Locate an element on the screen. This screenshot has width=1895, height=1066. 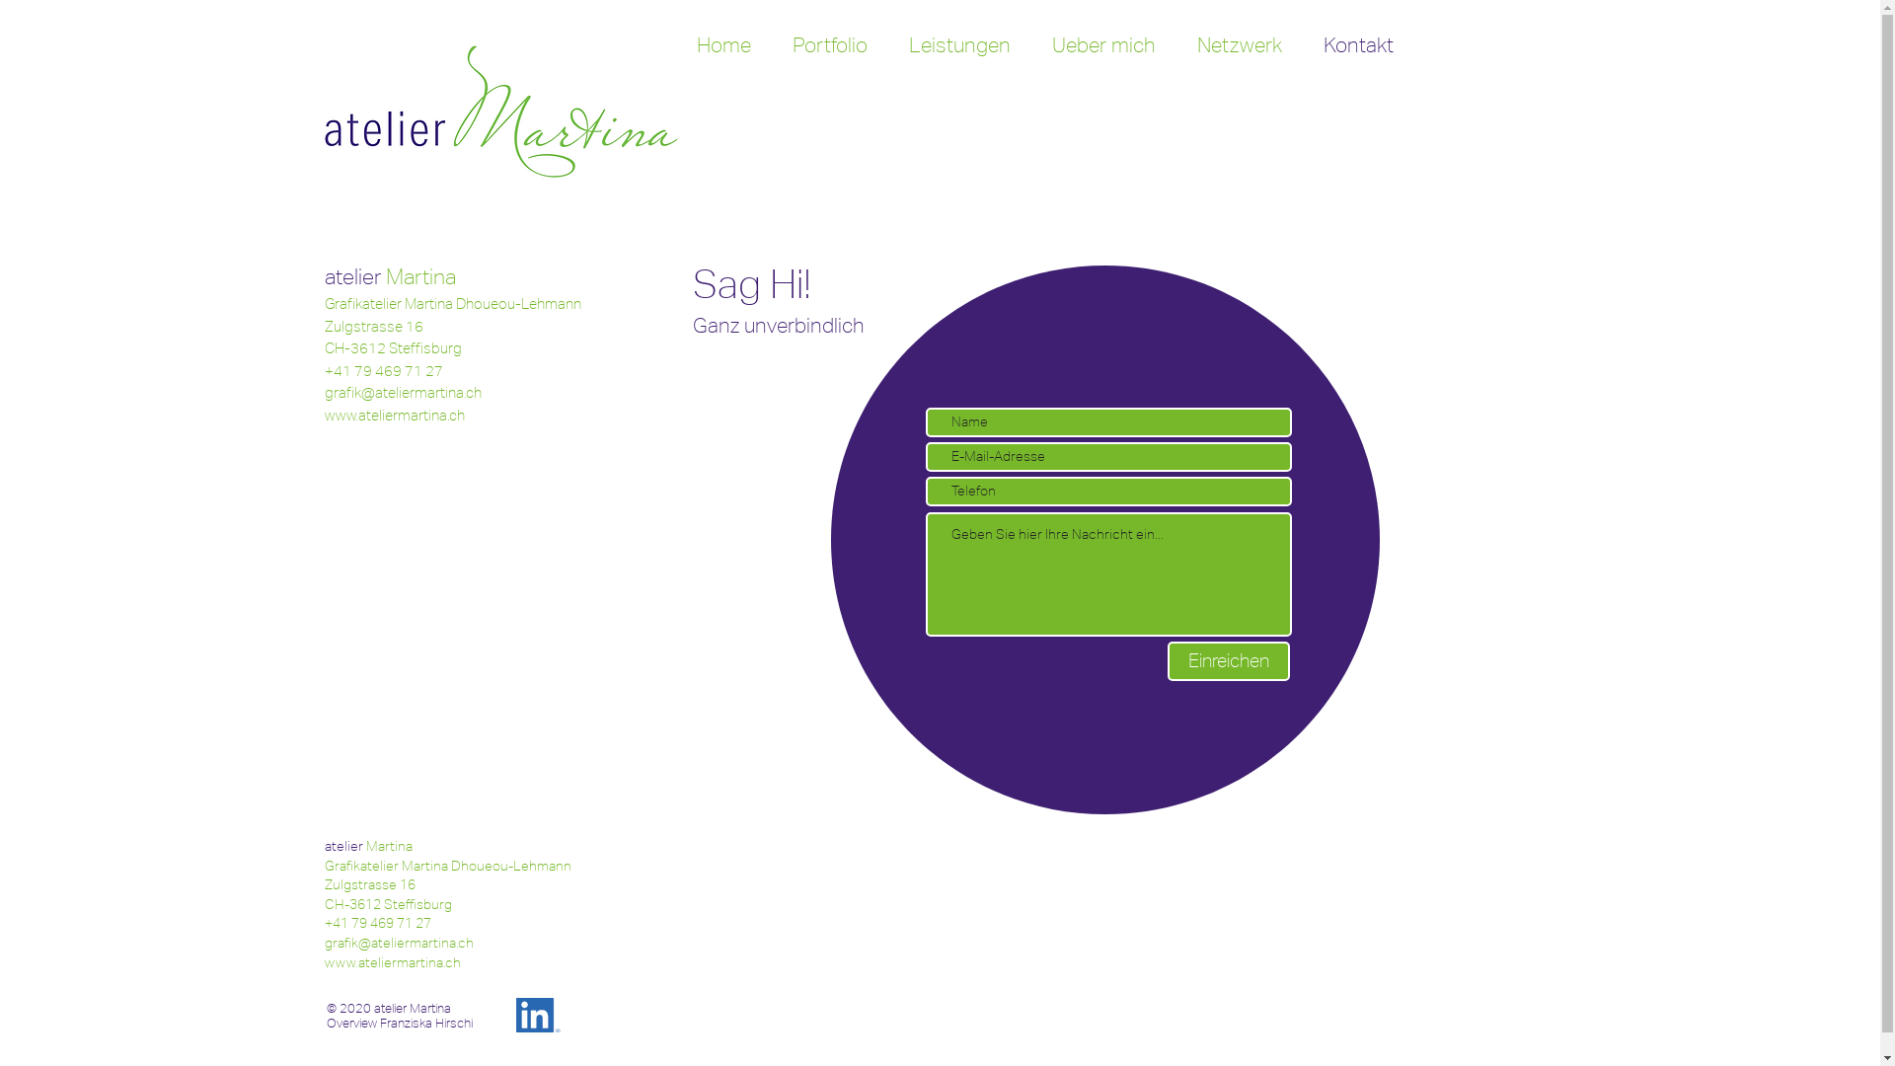
'Leistungen' is located at coordinates (959, 44).